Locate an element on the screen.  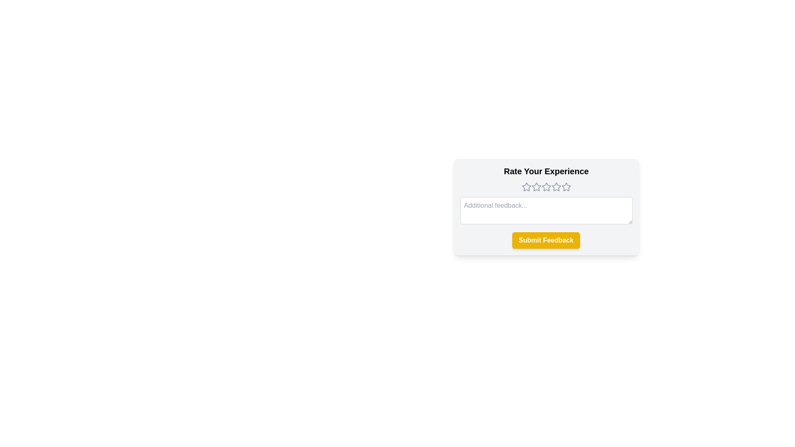
the fourth star-shaped interactive rating icon in the feedback module is located at coordinates (556, 187).